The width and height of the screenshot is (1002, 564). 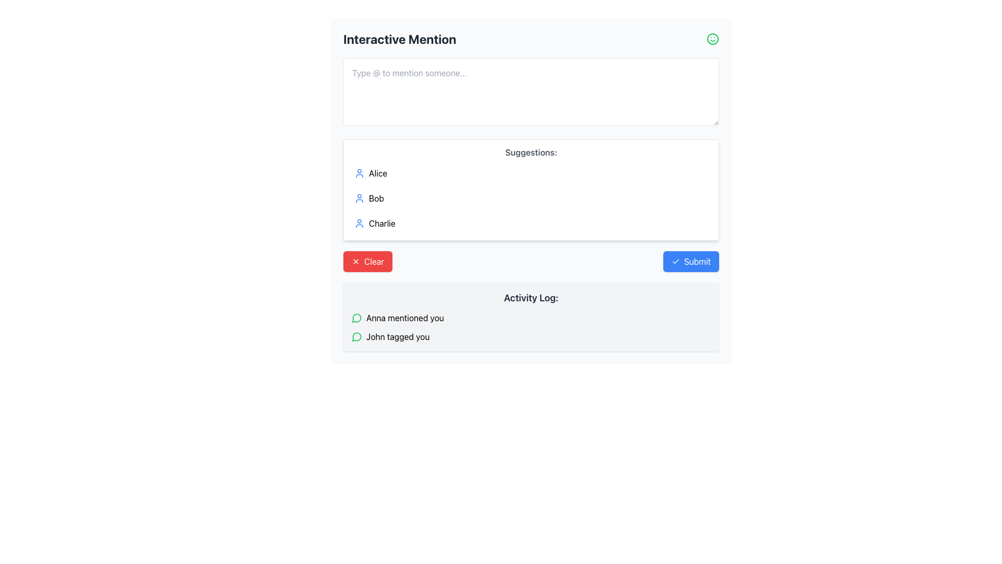 What do you see at coordinates (381, 223) in the screenshot?
I see `the text label 'Charlie' in the suggestion list under the 'Suggestions' heading` at bounding box center [381, 223].